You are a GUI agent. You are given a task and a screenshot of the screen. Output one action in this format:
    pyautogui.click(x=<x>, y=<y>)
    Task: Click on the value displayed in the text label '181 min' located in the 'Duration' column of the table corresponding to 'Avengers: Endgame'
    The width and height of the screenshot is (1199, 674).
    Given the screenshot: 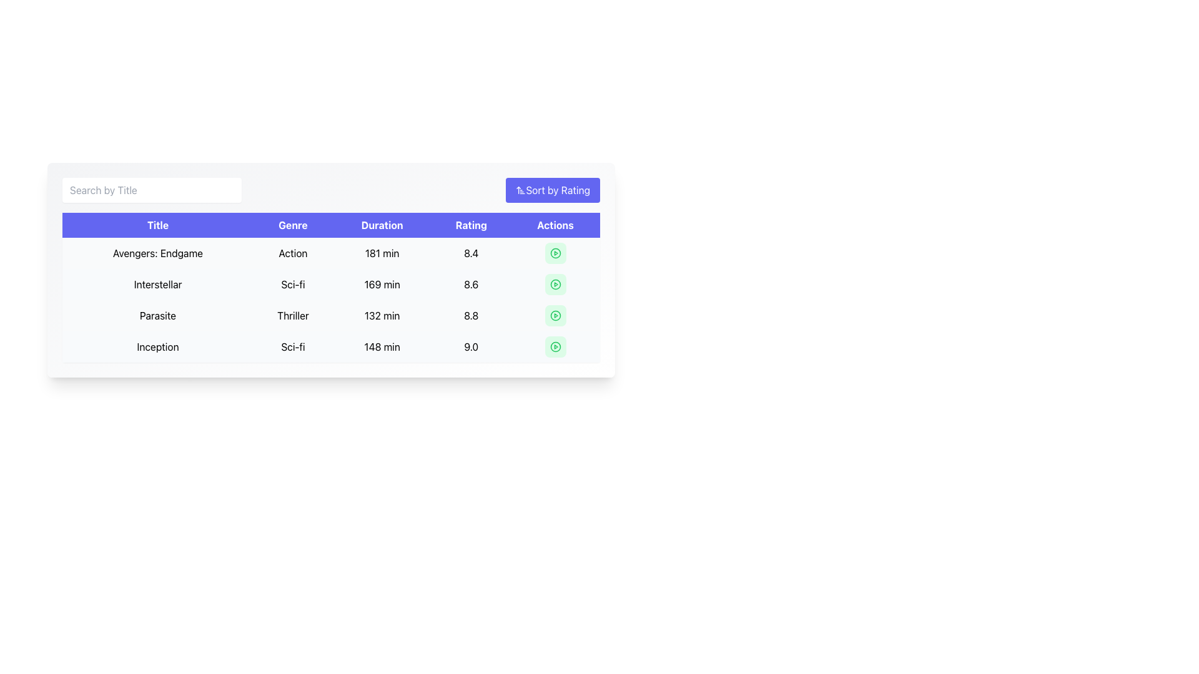 What is the action you would take?
    pyautogui.click(x=382, y=253)
    